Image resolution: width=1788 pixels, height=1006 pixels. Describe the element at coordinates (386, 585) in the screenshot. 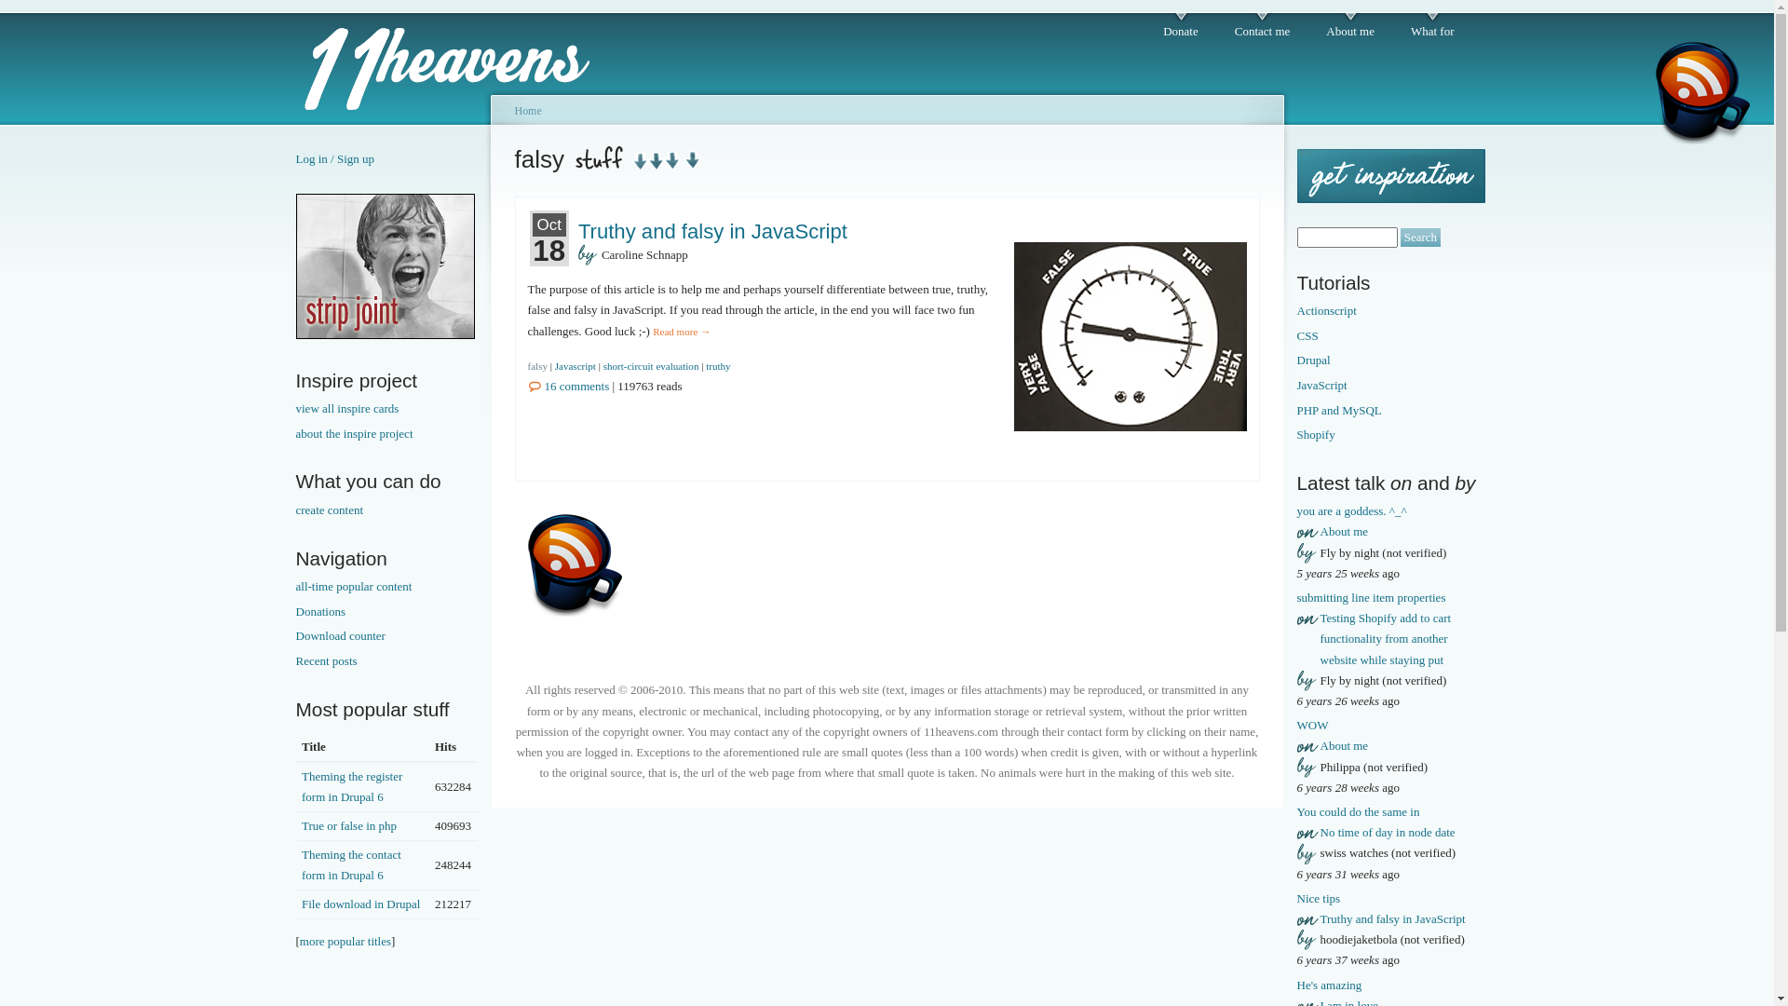

I see `'all-time popular content'` at that location.